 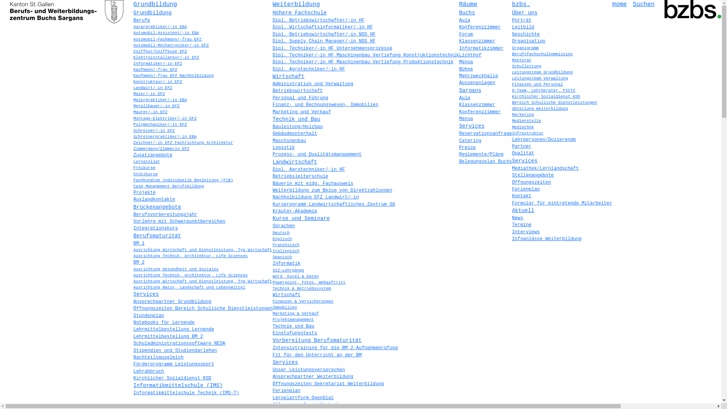 I want to click on 'Lehrpersonen/Dozierende', so click(x=512, y=140).